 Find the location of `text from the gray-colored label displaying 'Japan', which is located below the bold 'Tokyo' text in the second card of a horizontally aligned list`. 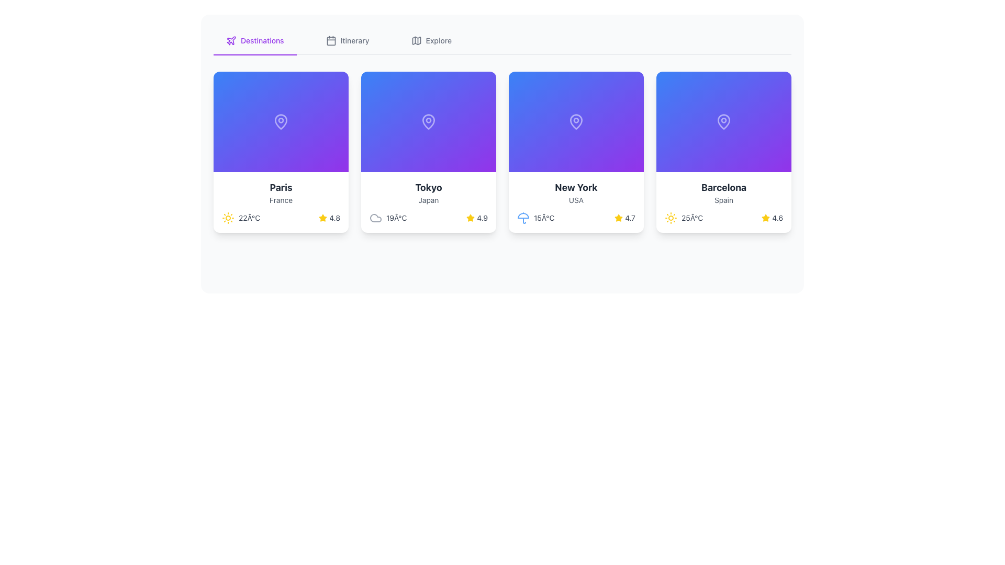

text from the gray-colored label displaying 'Japan', which is located below the bold 'Tokyo' text in the second card of a horizontally aligned list is located at coordinates (429, 200).